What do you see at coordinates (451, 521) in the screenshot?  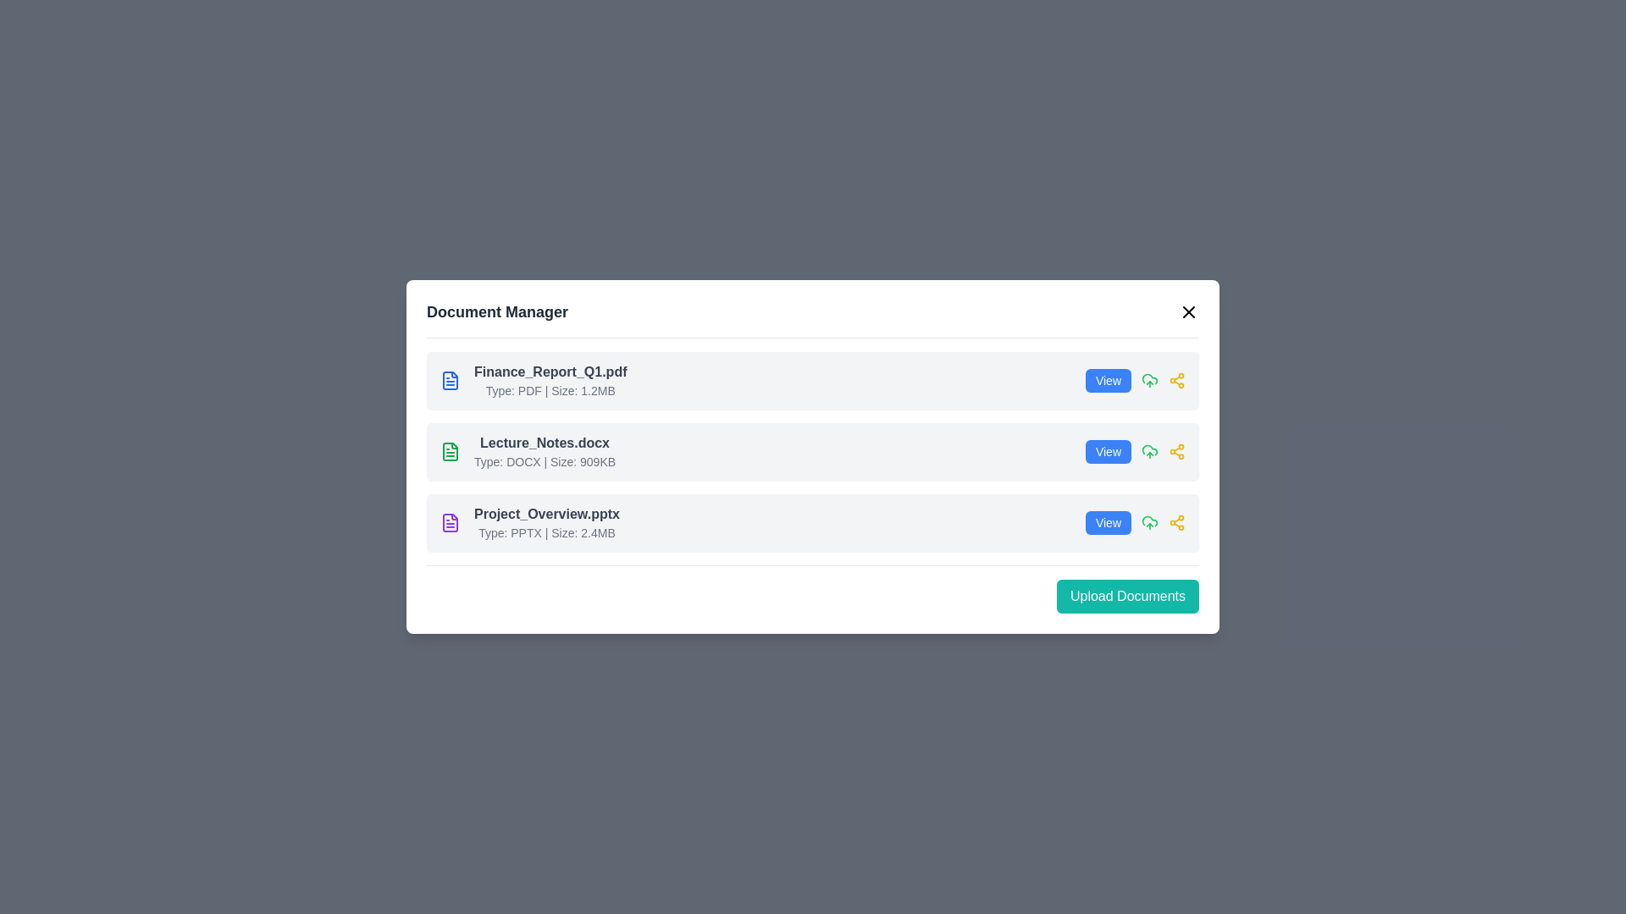 I see `the purple outlined rectangular icon representing the document titled 'Project_Overview.pptx' in the Document Manager interface, which is located in the third position of the list` at bounding box center [451, 521].